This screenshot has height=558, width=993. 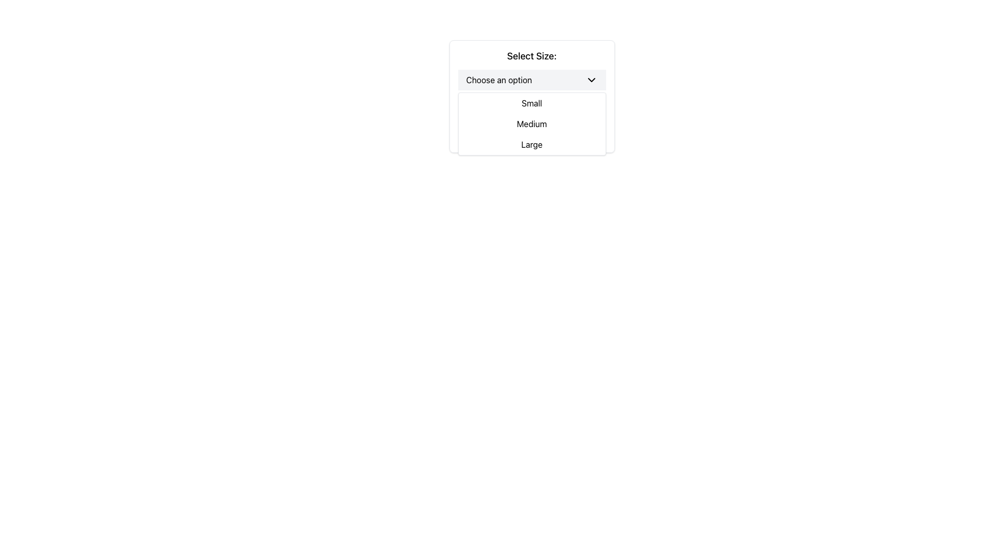 What do you see at coordinates (532, 123) in the screenshot?
I see `the 'Medium' menu option in the dropdown list` at bounding box center [532, 123].